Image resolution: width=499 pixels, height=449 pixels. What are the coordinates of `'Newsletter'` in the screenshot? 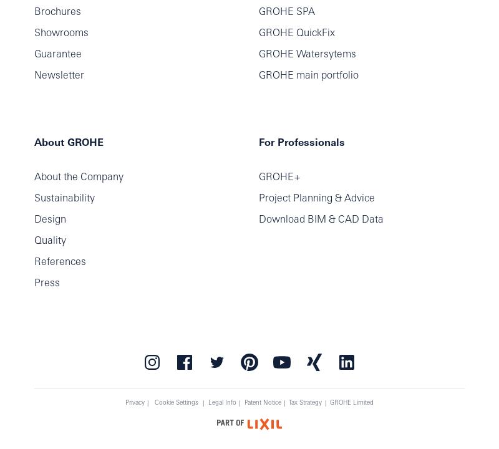 It's located at (59, 74).